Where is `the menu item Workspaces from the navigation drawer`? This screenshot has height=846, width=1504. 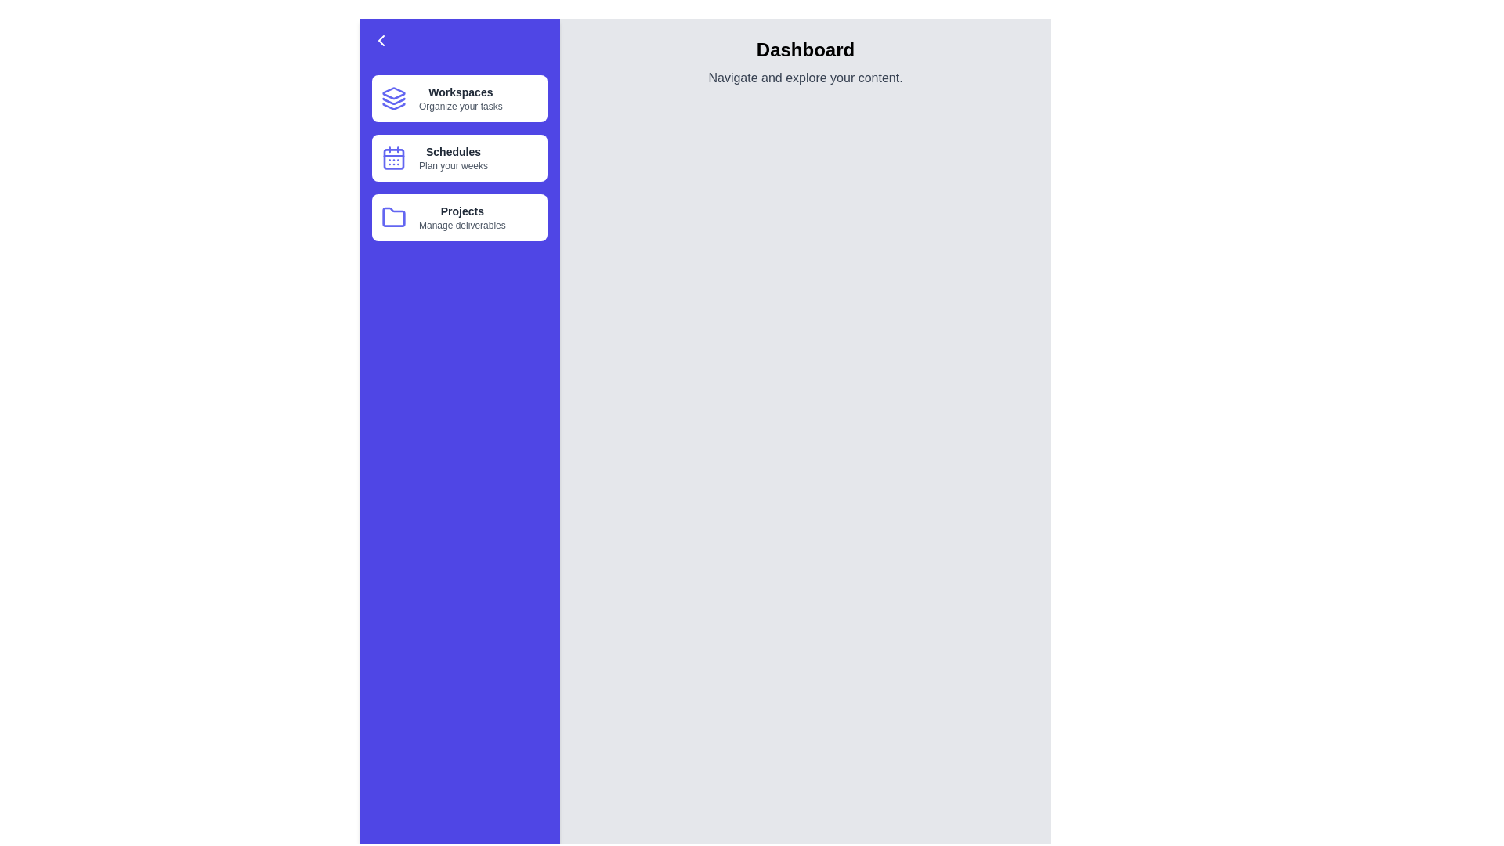
the menu item Workspaces from the navigation drawer is located at coordinates (458, 99).